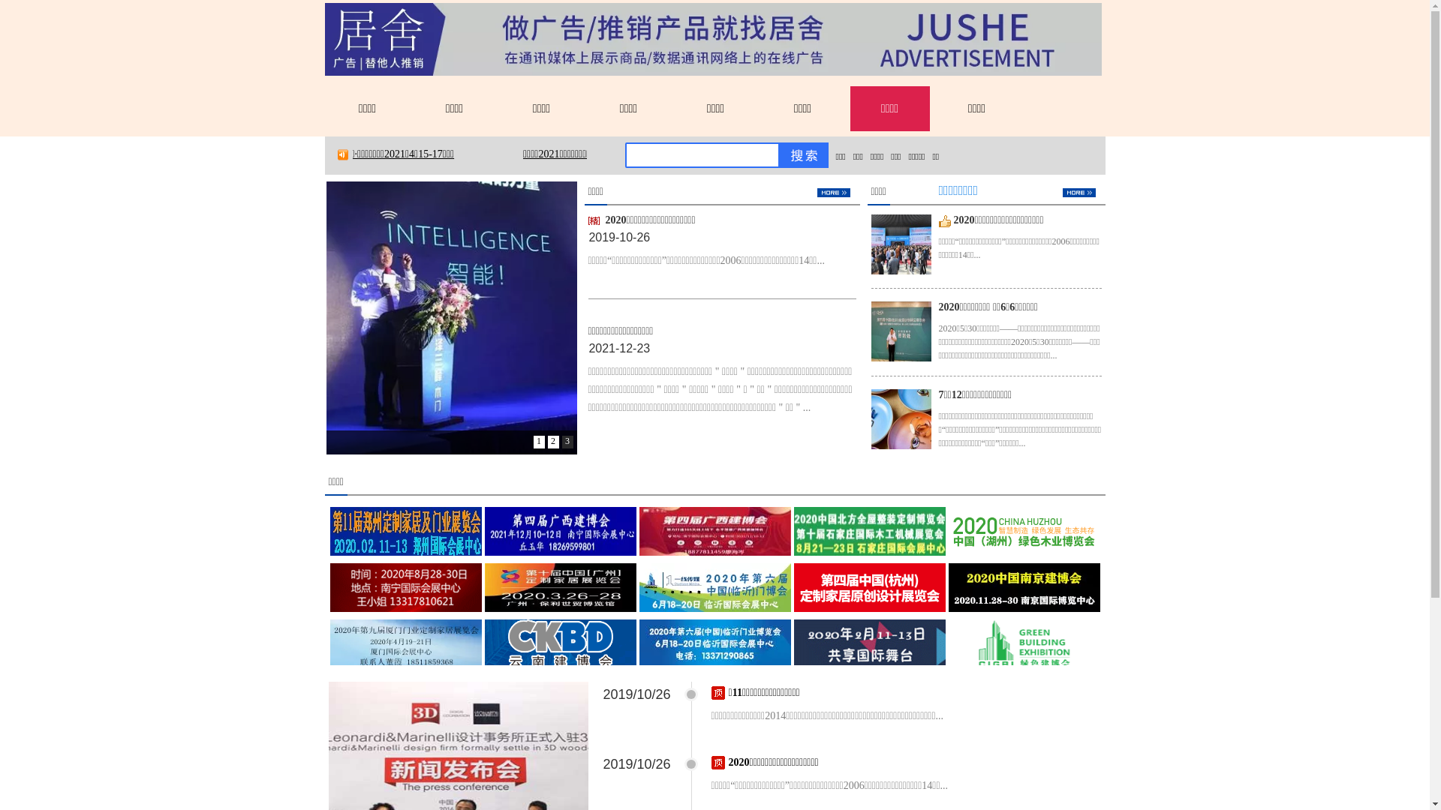 The image size is (1441, 810). Describe the element at coordinates (552, 441) in the screenshot. I see `'2'` at that location.